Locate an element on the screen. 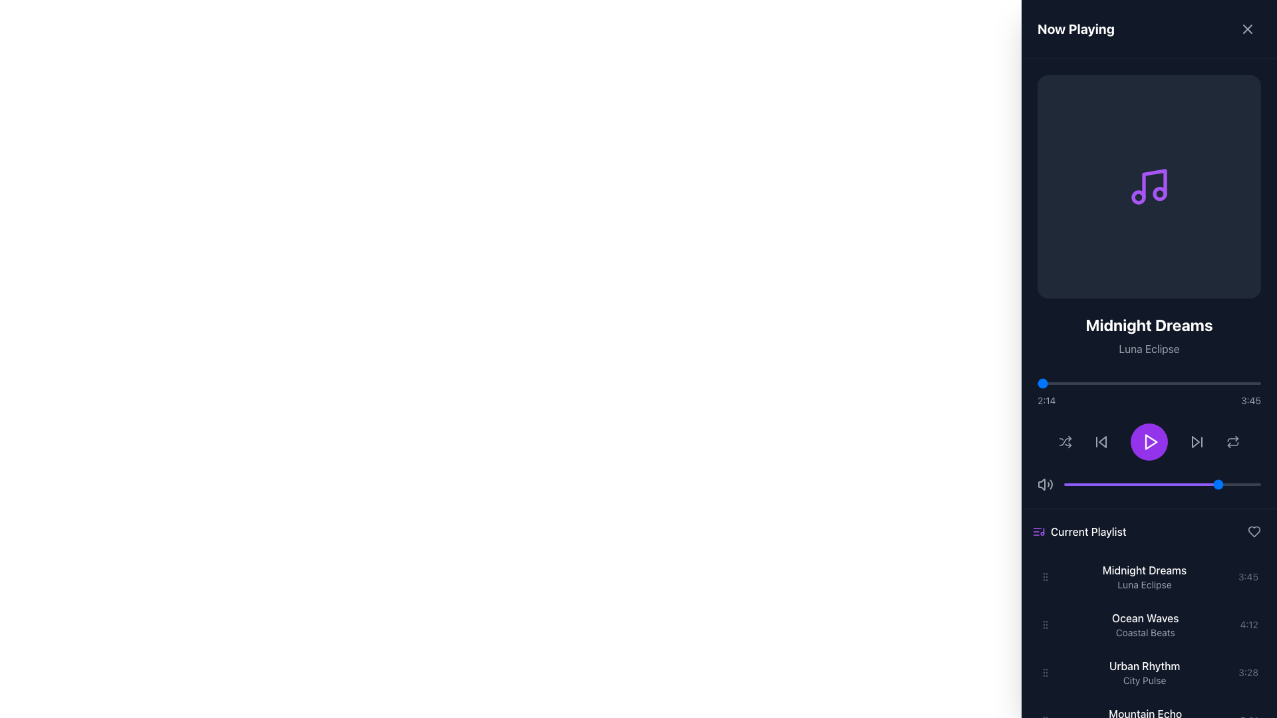 The image size is (1277, 718). the slider value is located at coordinates (1097, 485).